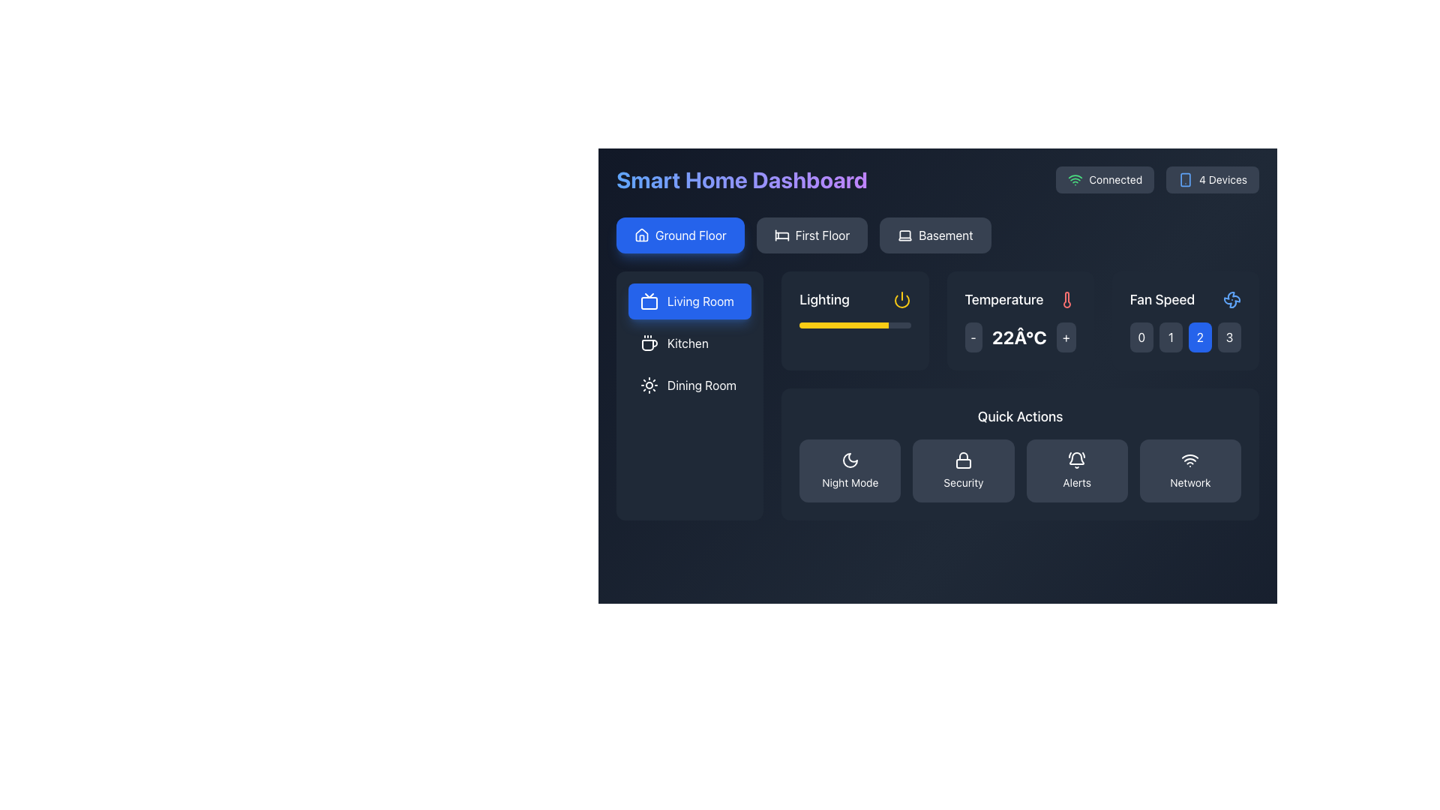 The width and height of the screenshot is (1440, 810). I want to click on the horizontal progress bar in the 'Lighting' section of the 'Smart Home Dashboard' that is 80% filled in yellow, so click(855, 325).